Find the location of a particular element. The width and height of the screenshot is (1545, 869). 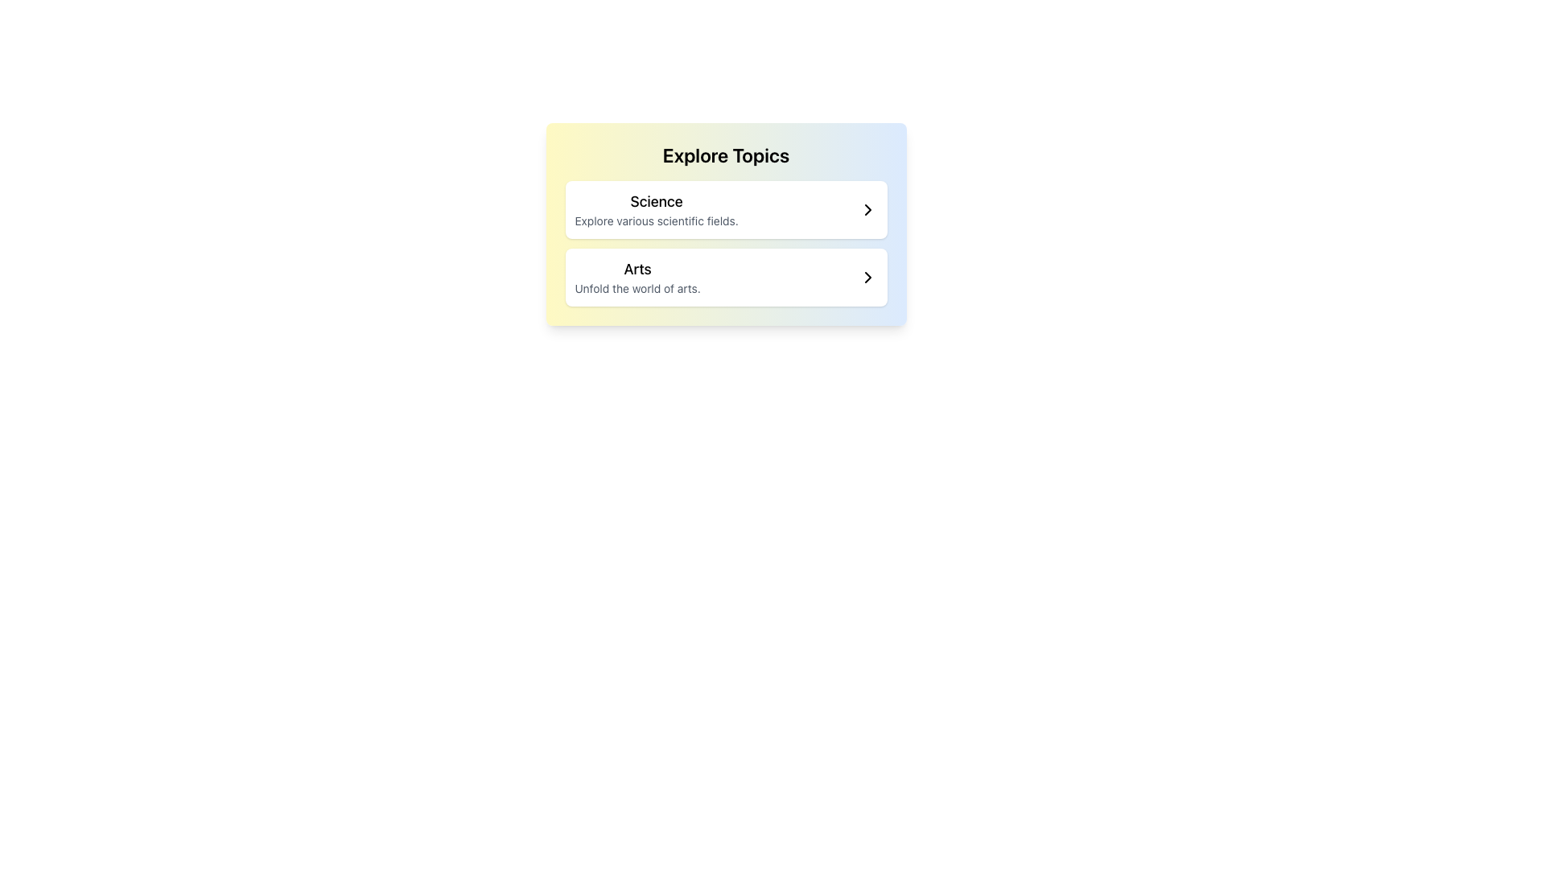

the Text Label that provides additional context about the 'Arts' topic, located below the 'Arts' label in the 'Explore Topics' section is located at coordinates (637, 287).